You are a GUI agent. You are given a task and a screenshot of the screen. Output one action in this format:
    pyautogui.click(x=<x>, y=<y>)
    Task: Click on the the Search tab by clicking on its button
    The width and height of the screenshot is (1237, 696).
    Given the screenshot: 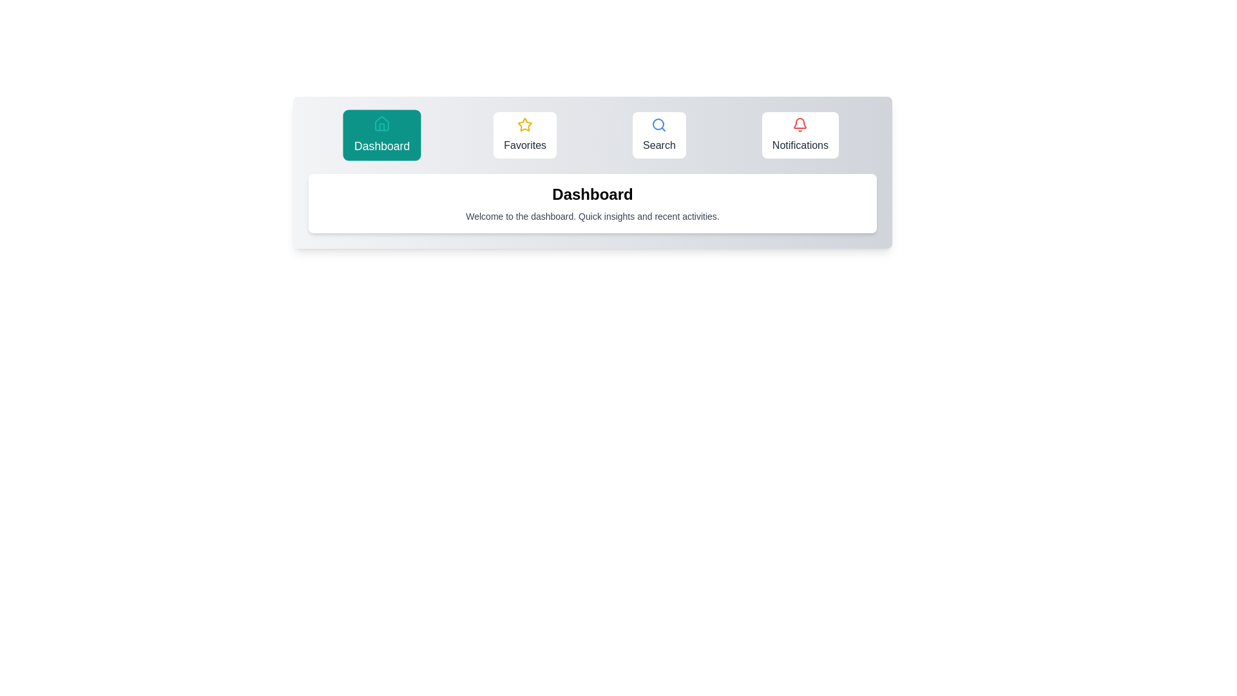 What is the action you would take?
    pyautogui.click(x=658, y=135)
    